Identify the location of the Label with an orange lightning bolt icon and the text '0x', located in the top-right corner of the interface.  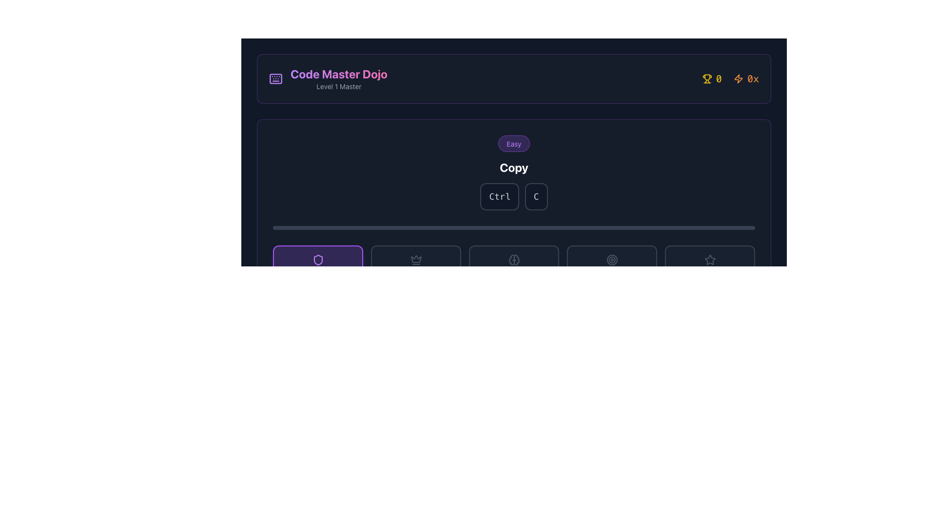
(746, 78).